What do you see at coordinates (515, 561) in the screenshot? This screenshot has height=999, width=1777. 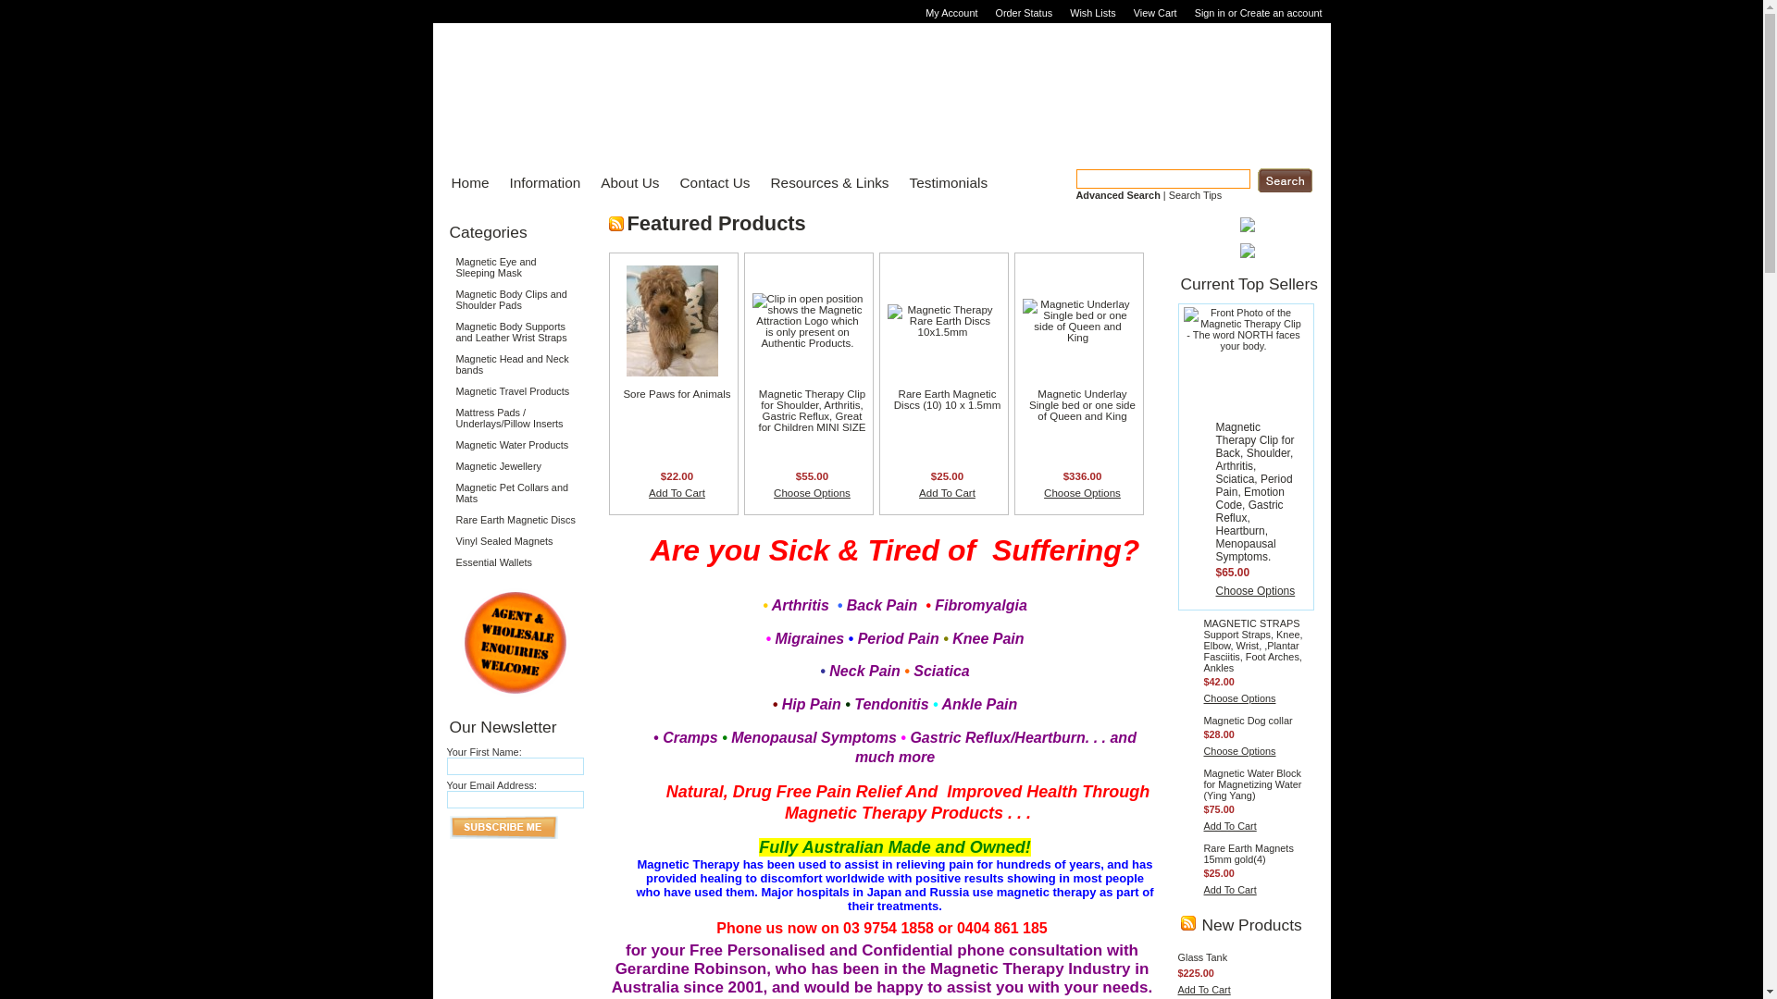 I see `'Essential Wallets'` at bounding box center [515, 561].